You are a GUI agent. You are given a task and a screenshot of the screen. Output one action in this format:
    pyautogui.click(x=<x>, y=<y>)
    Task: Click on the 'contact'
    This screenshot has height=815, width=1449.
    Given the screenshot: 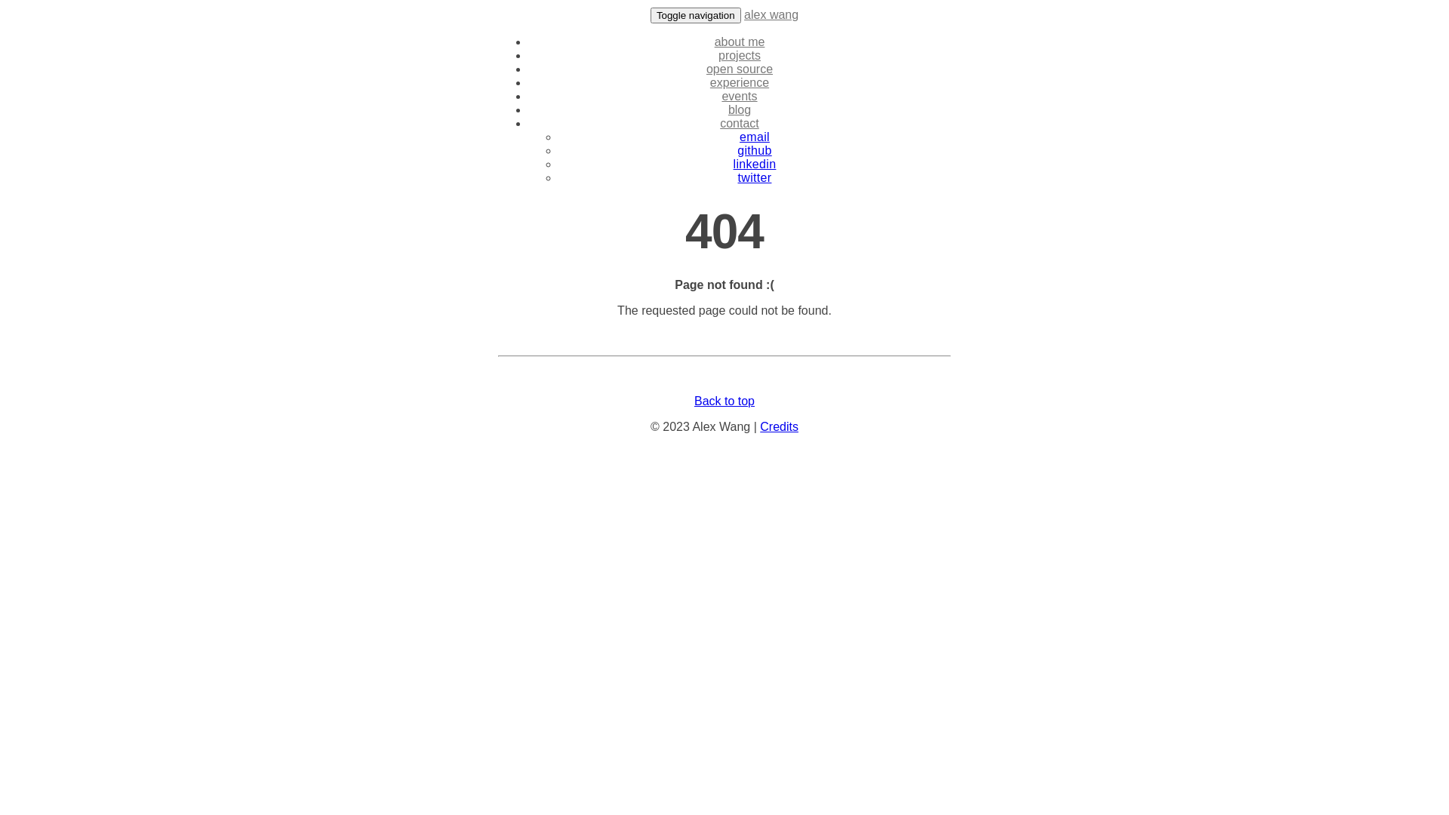 What is the action you would take?
    pyautogui.click(x=739, y=122)
    